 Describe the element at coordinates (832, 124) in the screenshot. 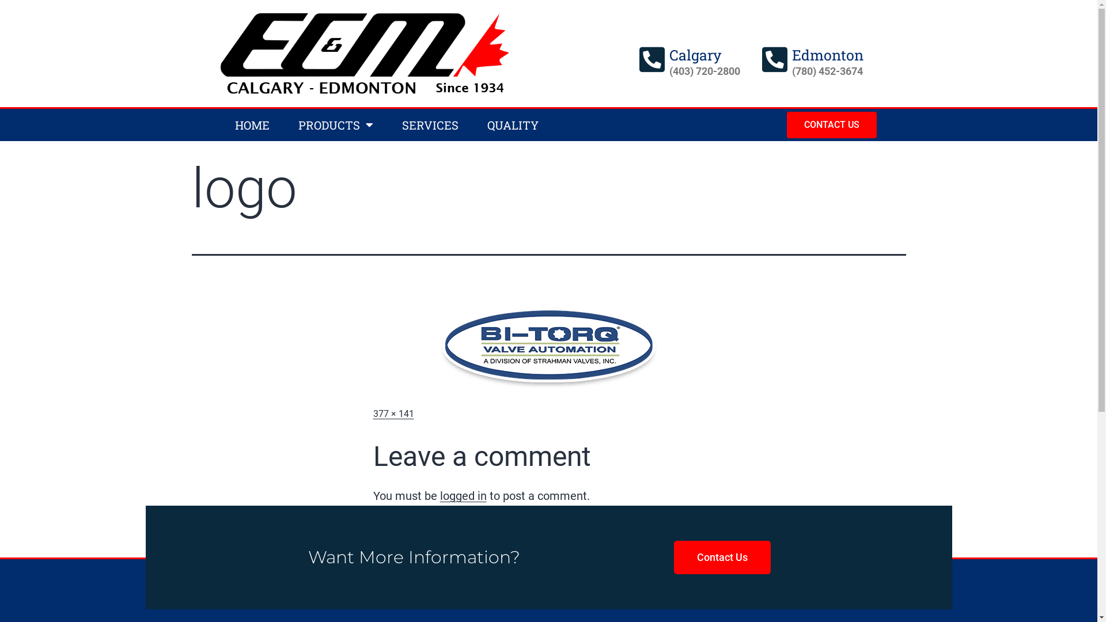

I see `'CONTACT US'` at that location.